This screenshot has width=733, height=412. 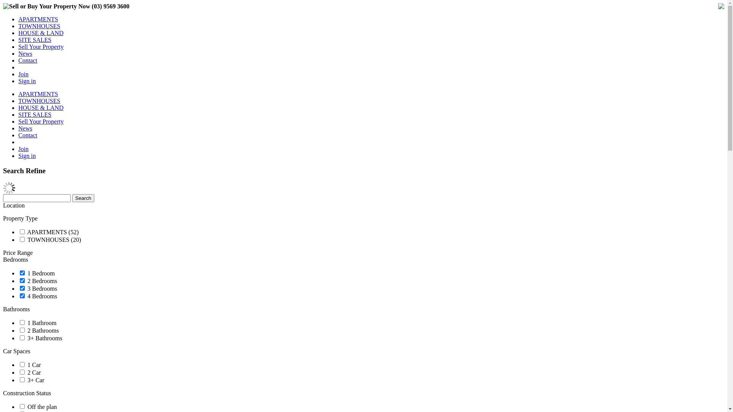 What do you see at coordinates (18, 60) in the screenshot?
I see `'Contact'` at bounding box center [18, 60].